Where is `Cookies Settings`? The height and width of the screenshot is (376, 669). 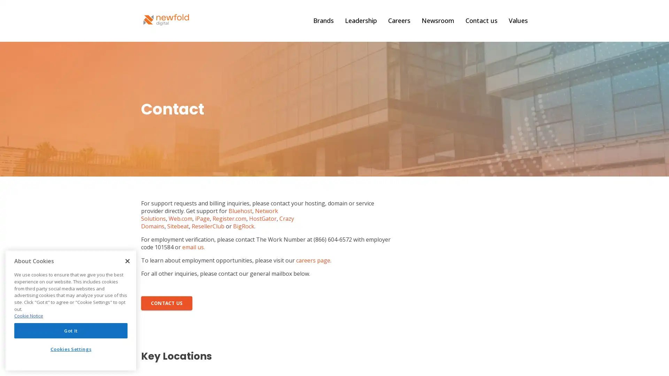
Cookies Settings is located at coordinates (71, 349).